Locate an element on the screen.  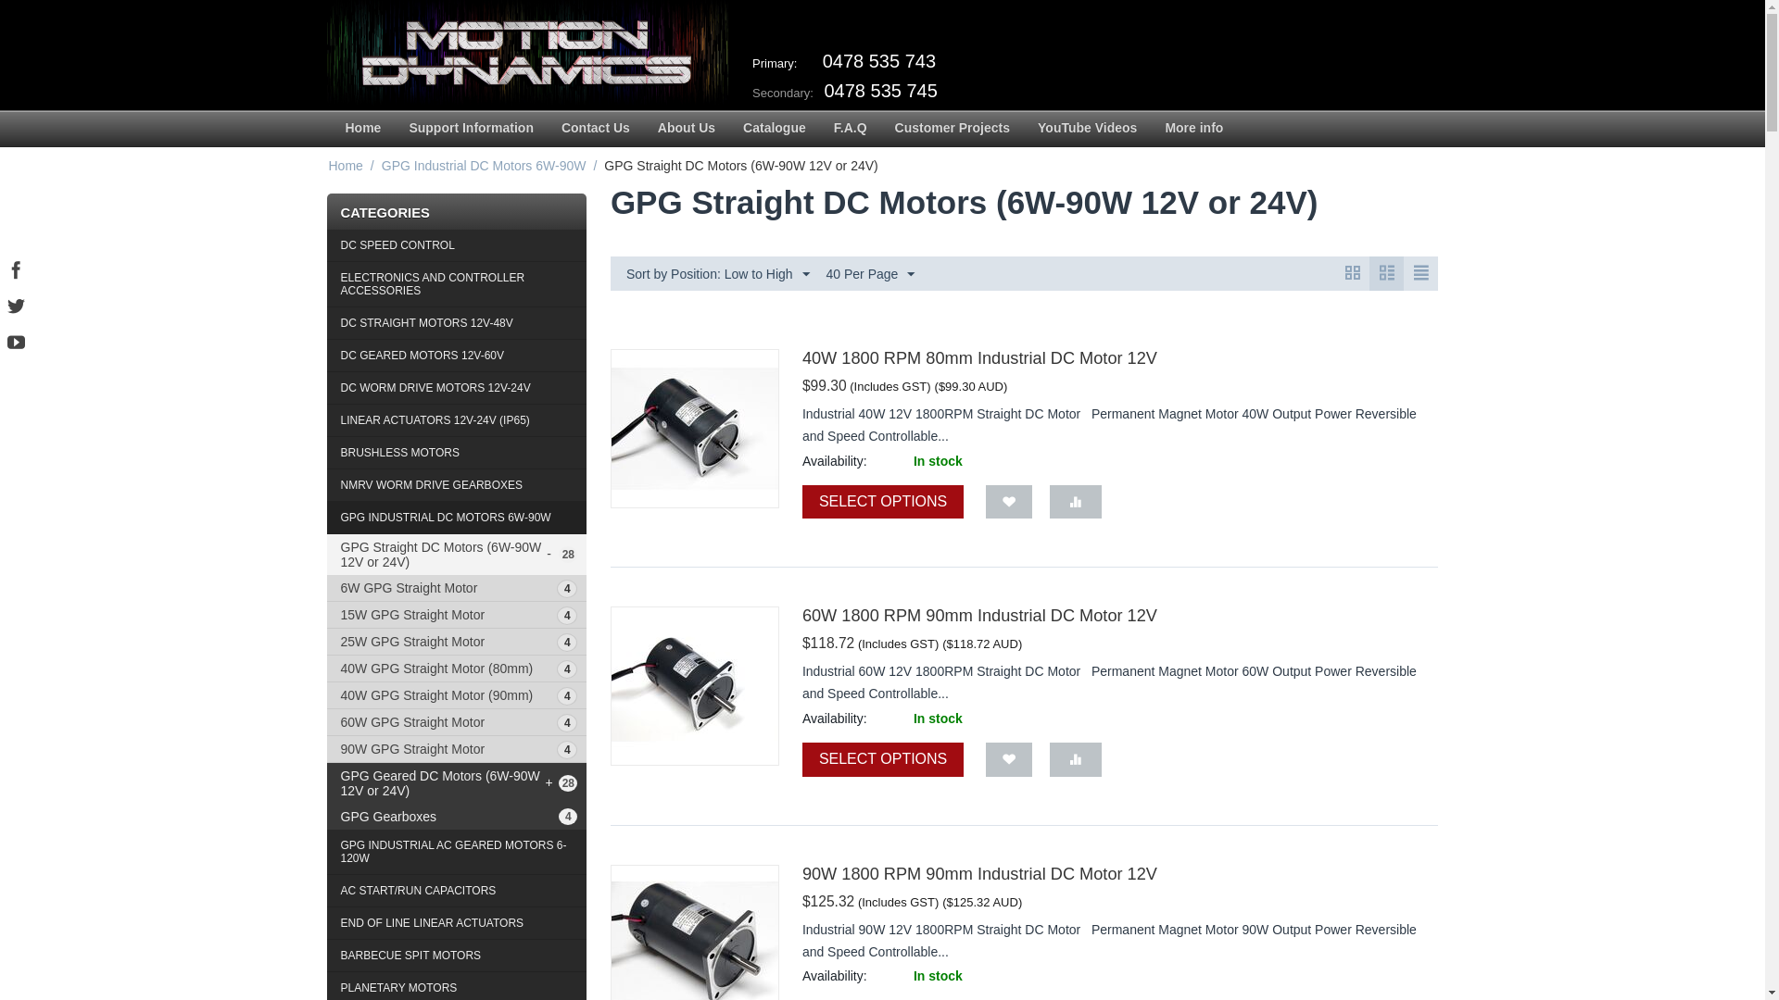
'60W GPG Straight Motor is located at coordinates (456, 720).